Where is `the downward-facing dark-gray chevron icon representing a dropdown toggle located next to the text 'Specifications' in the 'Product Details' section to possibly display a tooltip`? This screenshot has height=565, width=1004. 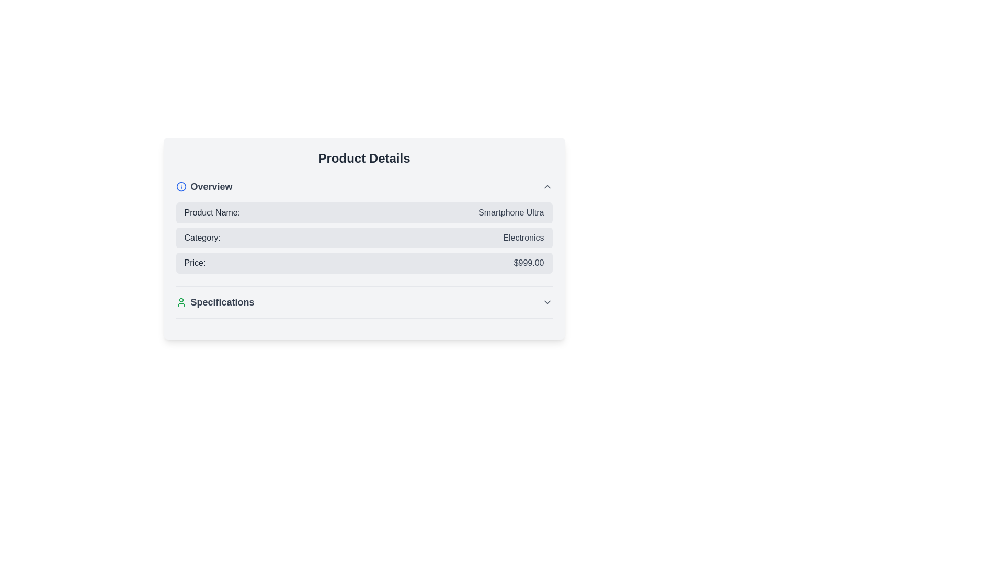
the downward-facing dark-gray chevron icon representing a dropdown toggle located next to the text 'Specifications' in the 'Product Details' section to possibly display a tooltip is located at coordinates (546, 302).